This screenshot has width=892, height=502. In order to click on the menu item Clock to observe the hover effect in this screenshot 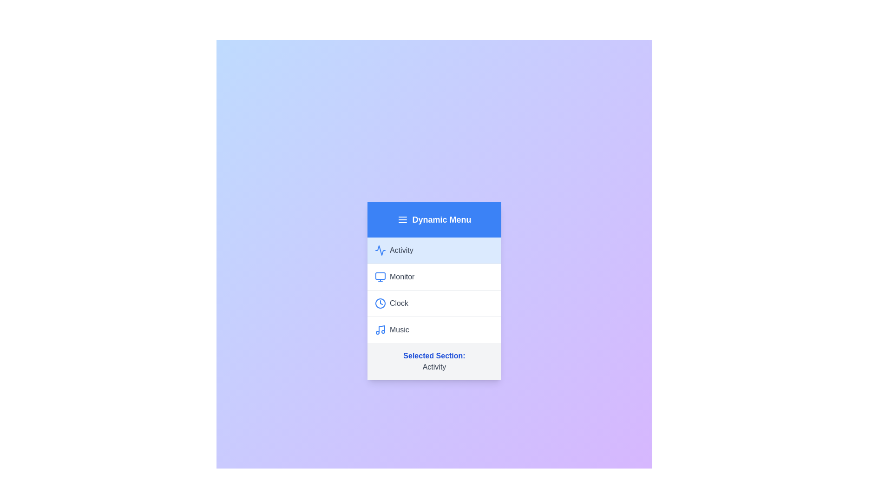, I will do `click(434, 303)`.